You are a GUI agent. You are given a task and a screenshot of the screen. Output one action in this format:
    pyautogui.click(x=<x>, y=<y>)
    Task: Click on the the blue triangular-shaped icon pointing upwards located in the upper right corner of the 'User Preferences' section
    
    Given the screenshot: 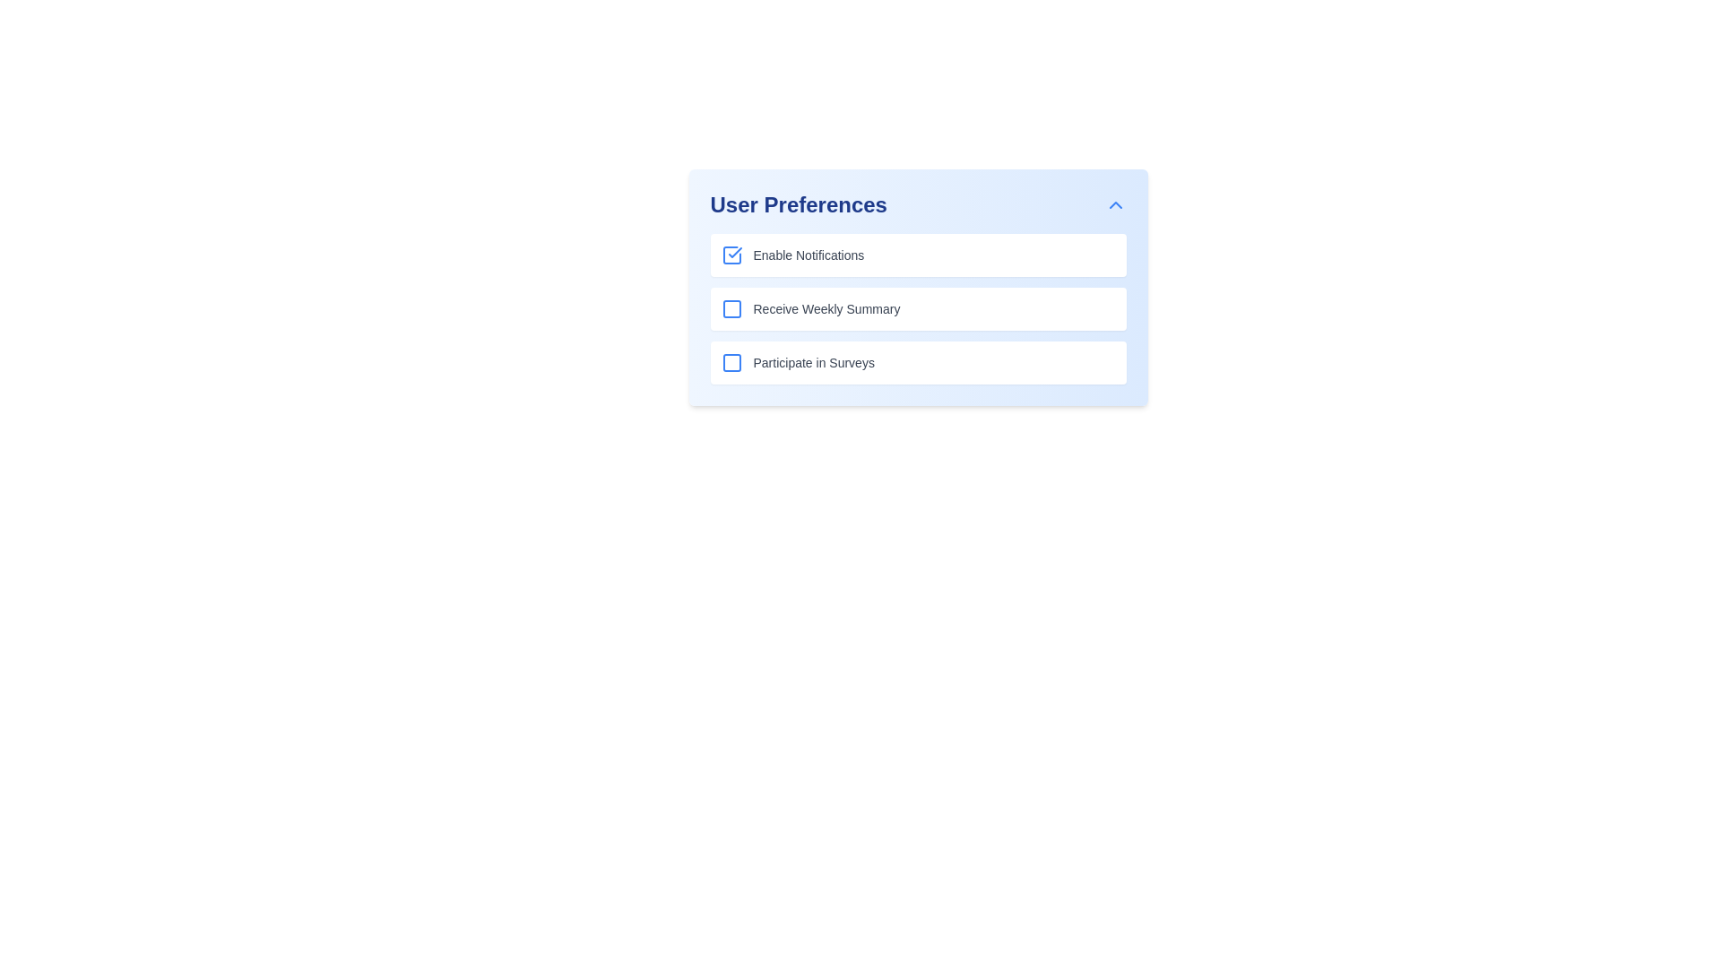 What is the action you would take?
    pyautogui.click(x=1114, y=203)
    